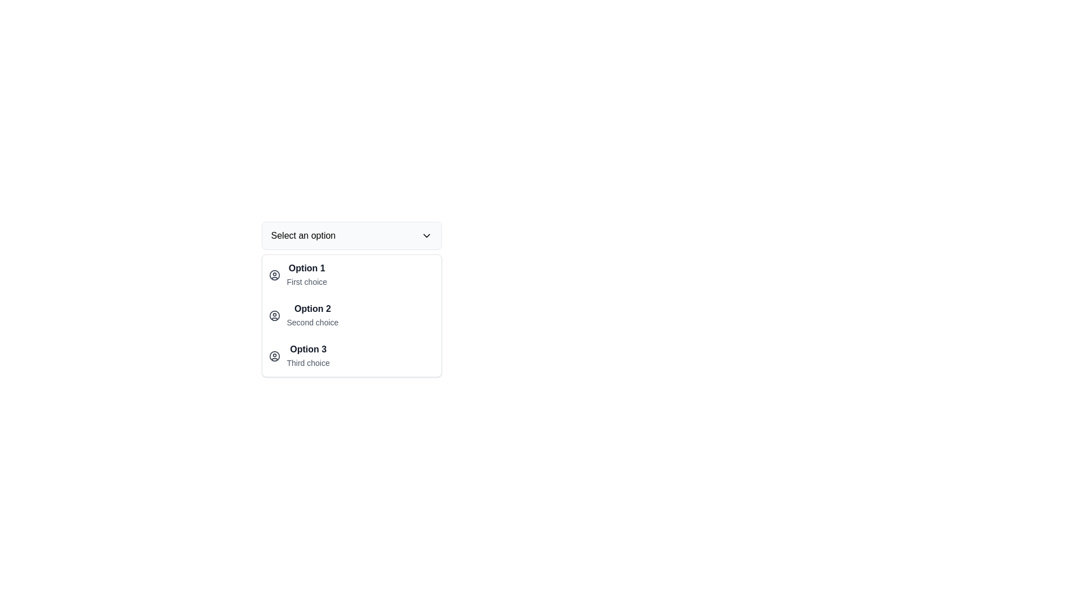 Image resolution: width=1081 pixels, height=608 pixels. Describe the element at coordinates (274, 315) in the screenshot. I see `the circular decorative icon component adjacent to 'Option 2' in the dropdown menu` at that location.